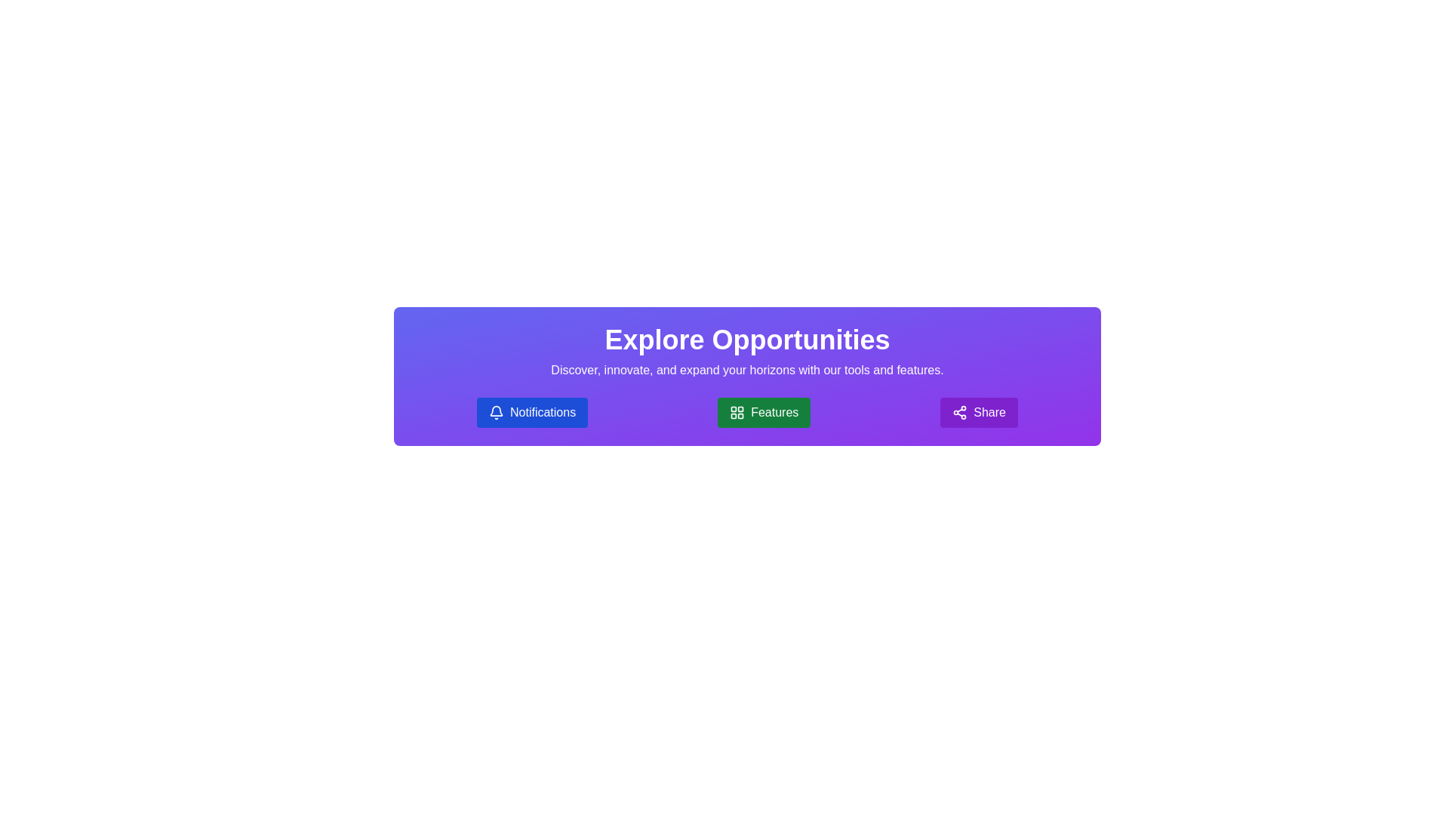 The width and height of the screenshot is (1449, 815). Describe the element at coordinates (496, 411) in the screenshot. I see `the bell-shaped notification icon located to the left of the 'Notifications' text in the central notification button group` at that location.